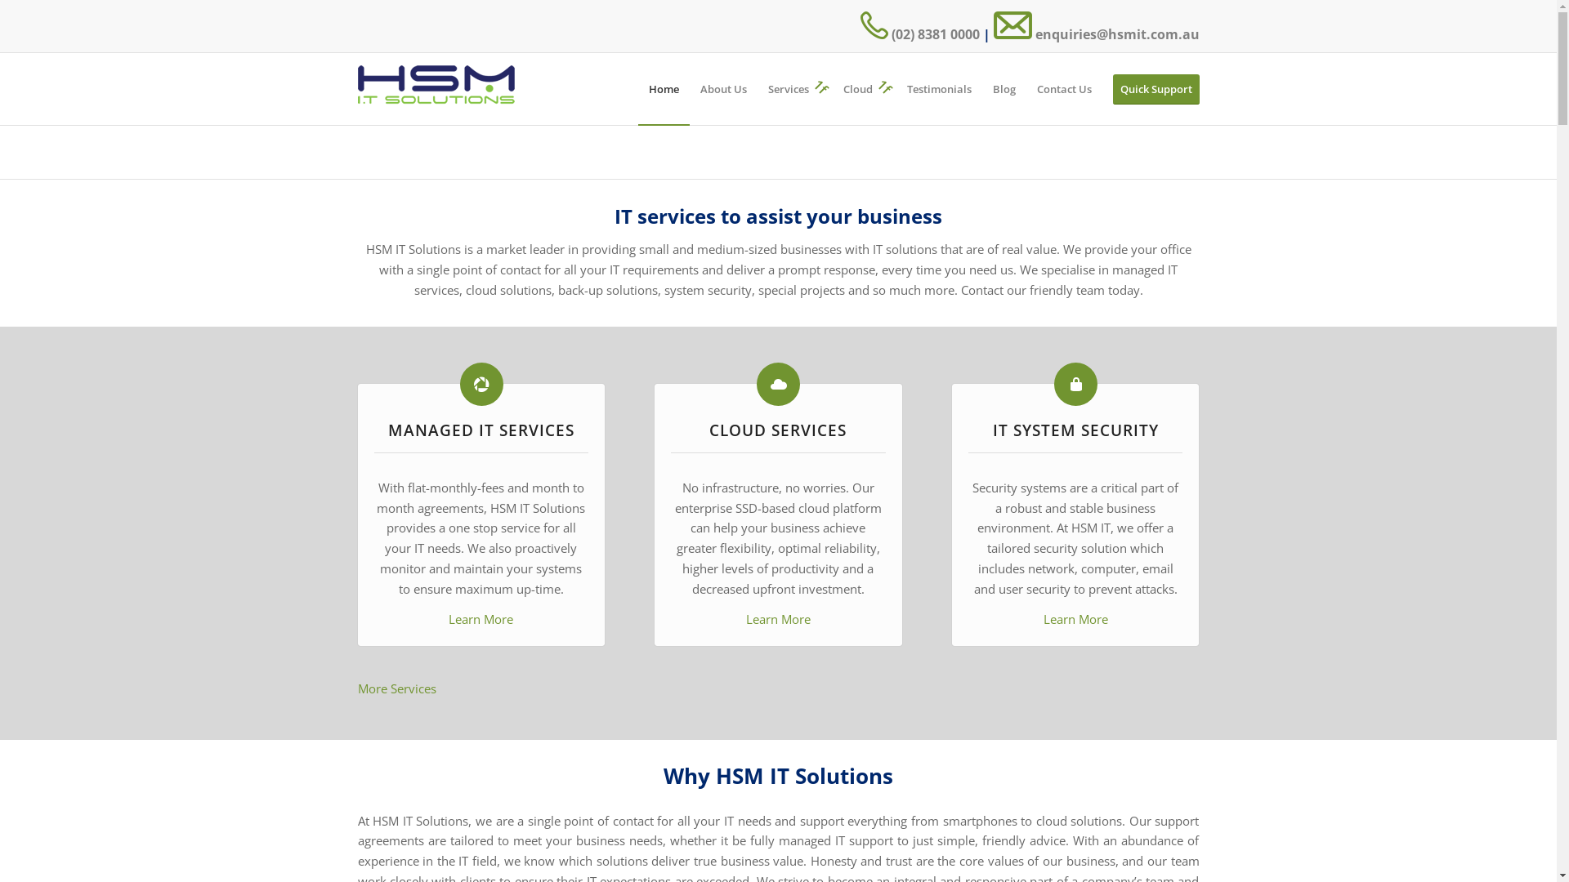  I want to click on 'Blog', so click(1003, 88).